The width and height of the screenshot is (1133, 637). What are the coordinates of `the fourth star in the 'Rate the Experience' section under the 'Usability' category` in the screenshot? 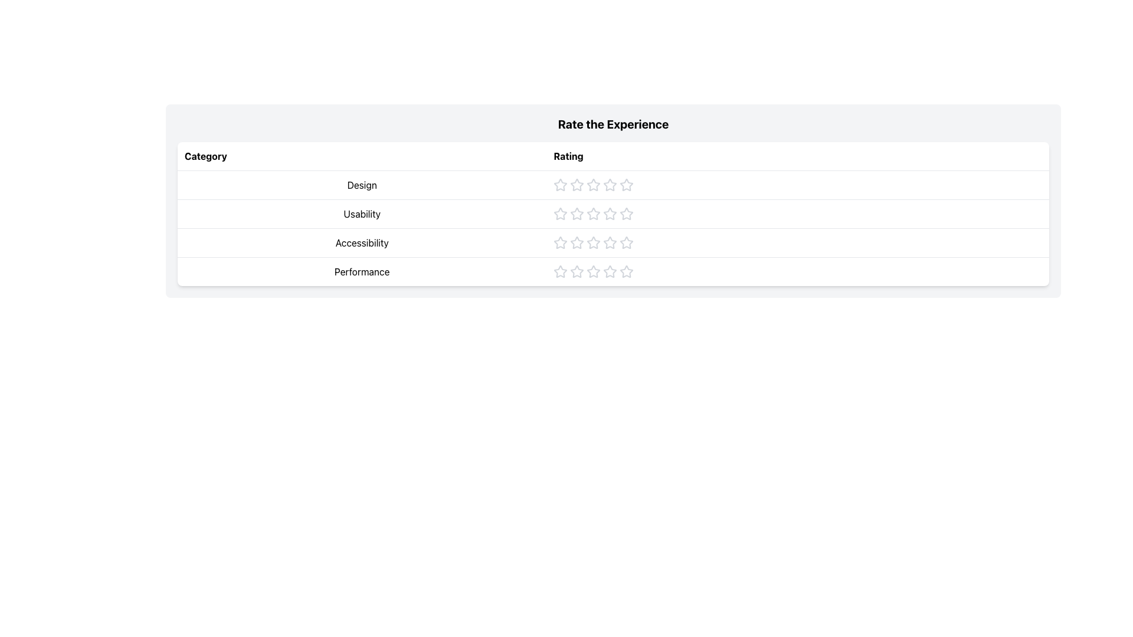 It's located at (610, 214).